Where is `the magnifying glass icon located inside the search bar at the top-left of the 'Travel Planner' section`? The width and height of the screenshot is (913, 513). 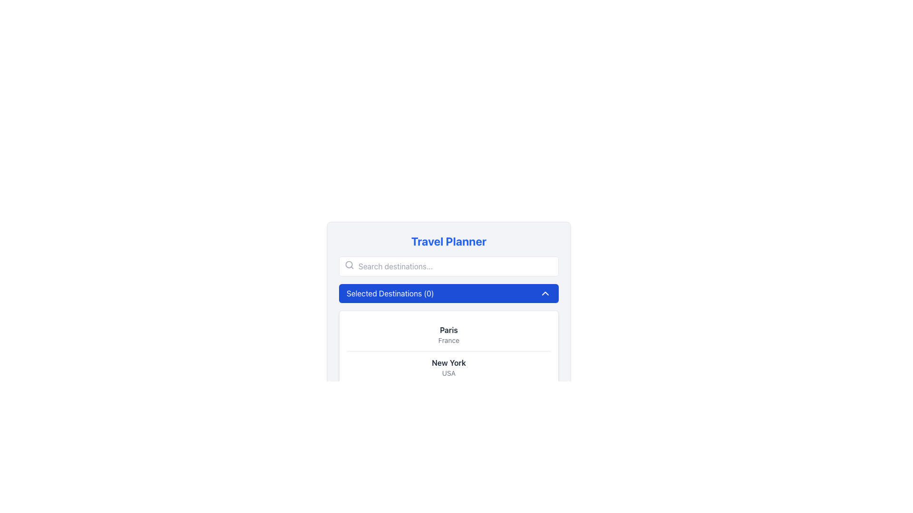
the magnifying glass icon located inside the search bar at the top-left of the 'Travel Planner' section is located at coordinates (349, 265).